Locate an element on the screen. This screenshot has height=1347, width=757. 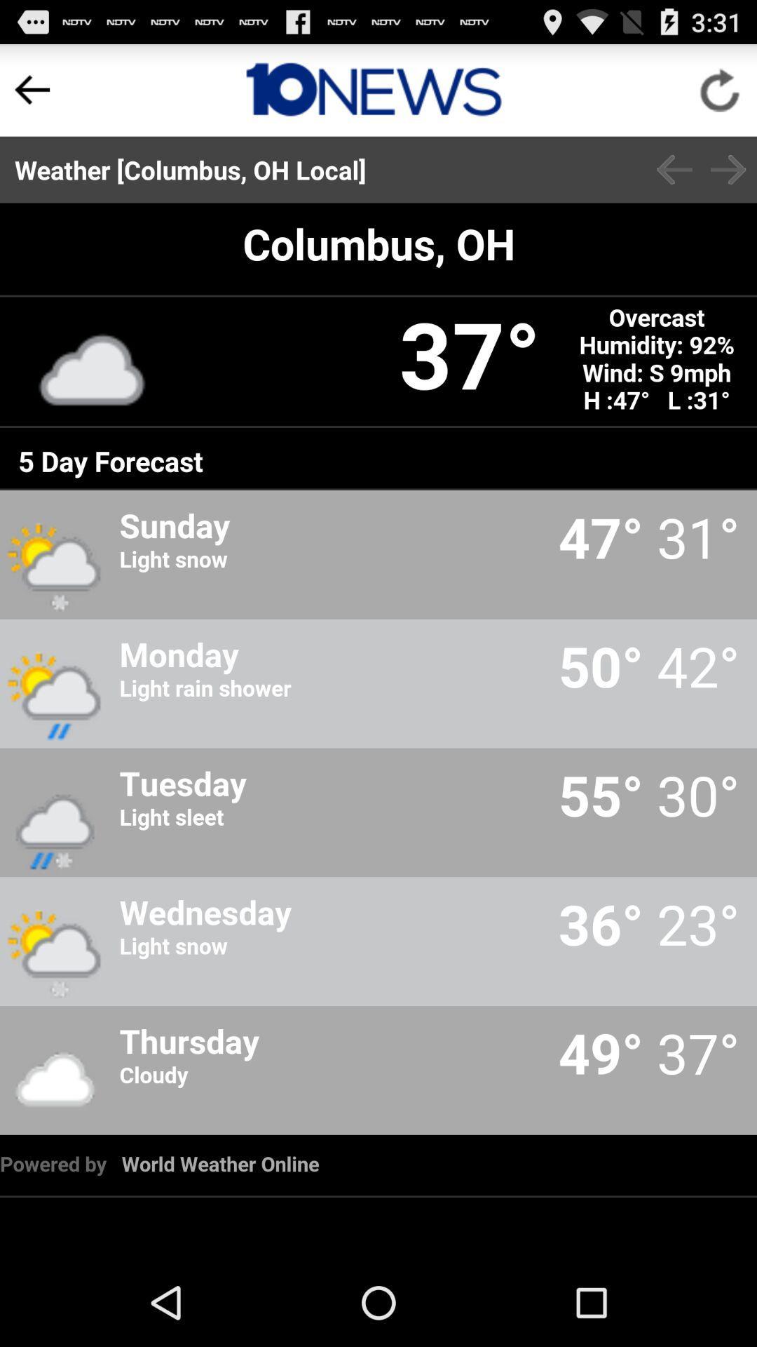
previous is located at coordinates (674, 169).